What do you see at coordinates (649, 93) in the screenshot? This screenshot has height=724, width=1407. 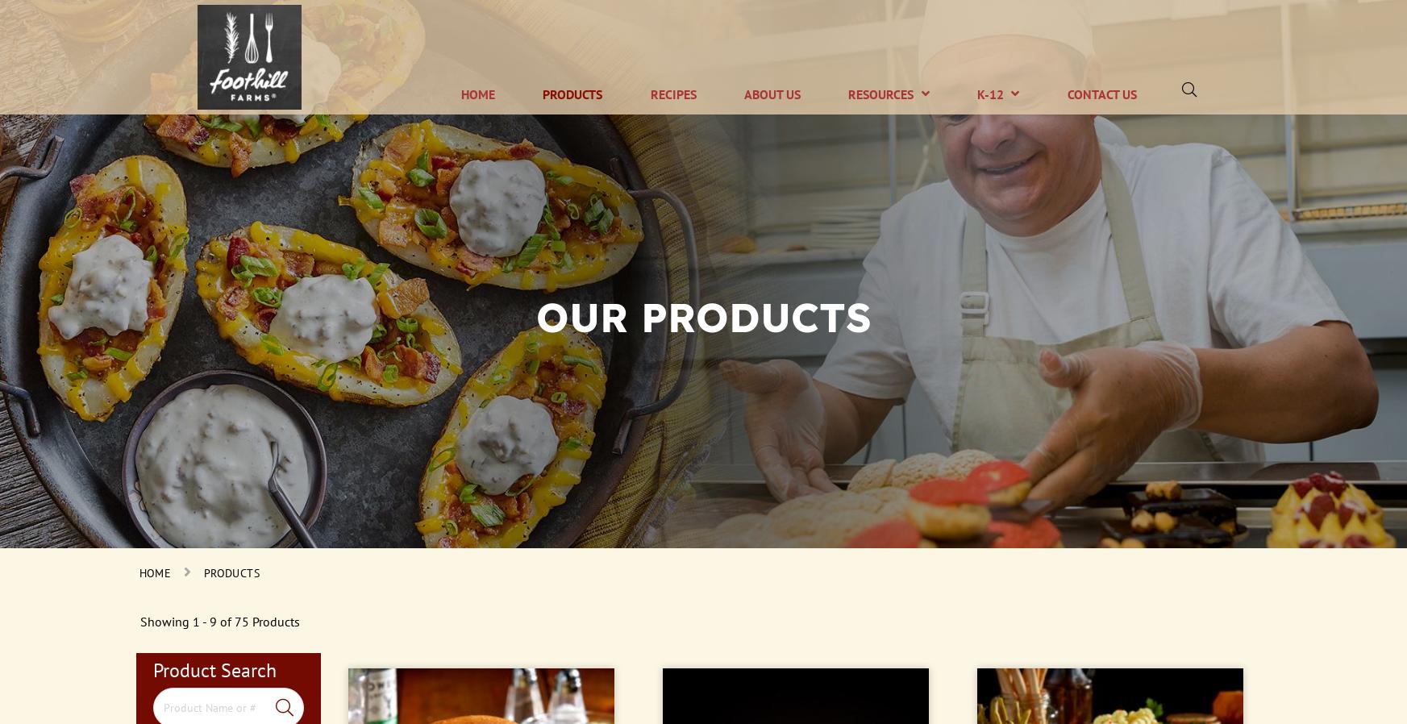 I see `'Recipes'` at bounding box center [649, 93].